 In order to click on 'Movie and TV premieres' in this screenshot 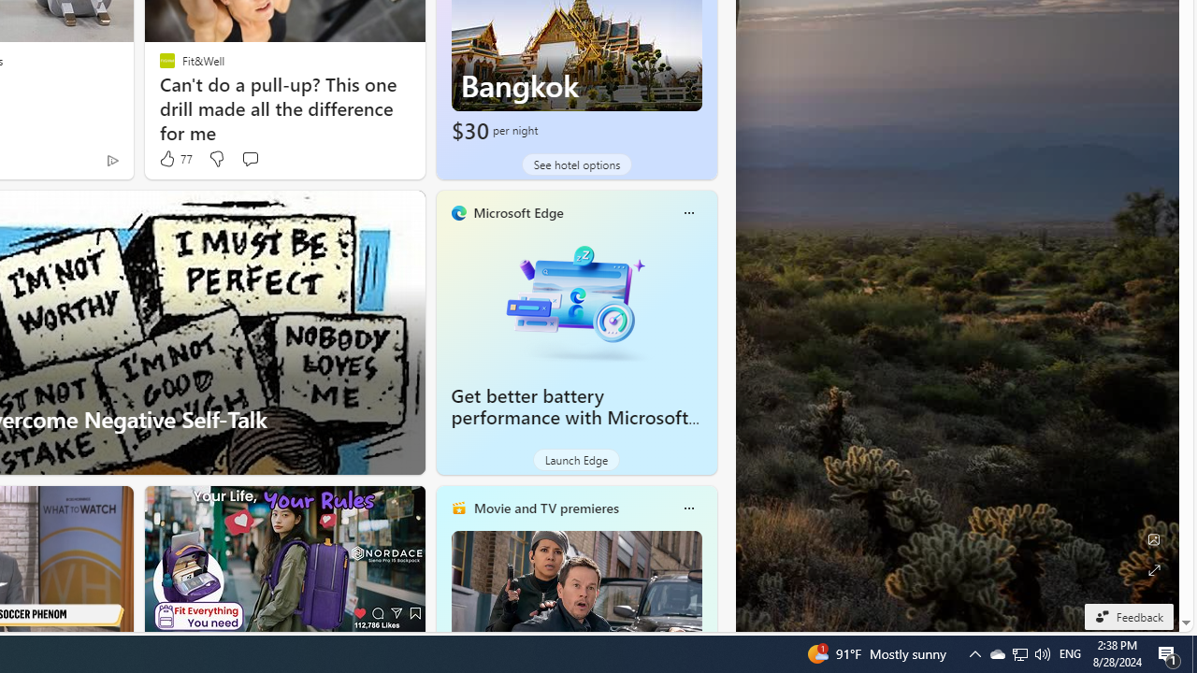, I will do `click(544, 508)`.